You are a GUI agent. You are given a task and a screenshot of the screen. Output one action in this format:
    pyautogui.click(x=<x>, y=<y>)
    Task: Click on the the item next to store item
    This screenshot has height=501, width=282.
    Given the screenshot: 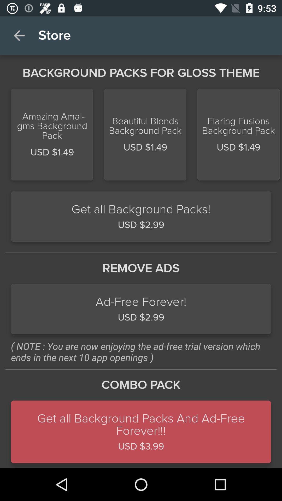 What is the action you would take?
    pyautogui.click(x=19, y=35)
    